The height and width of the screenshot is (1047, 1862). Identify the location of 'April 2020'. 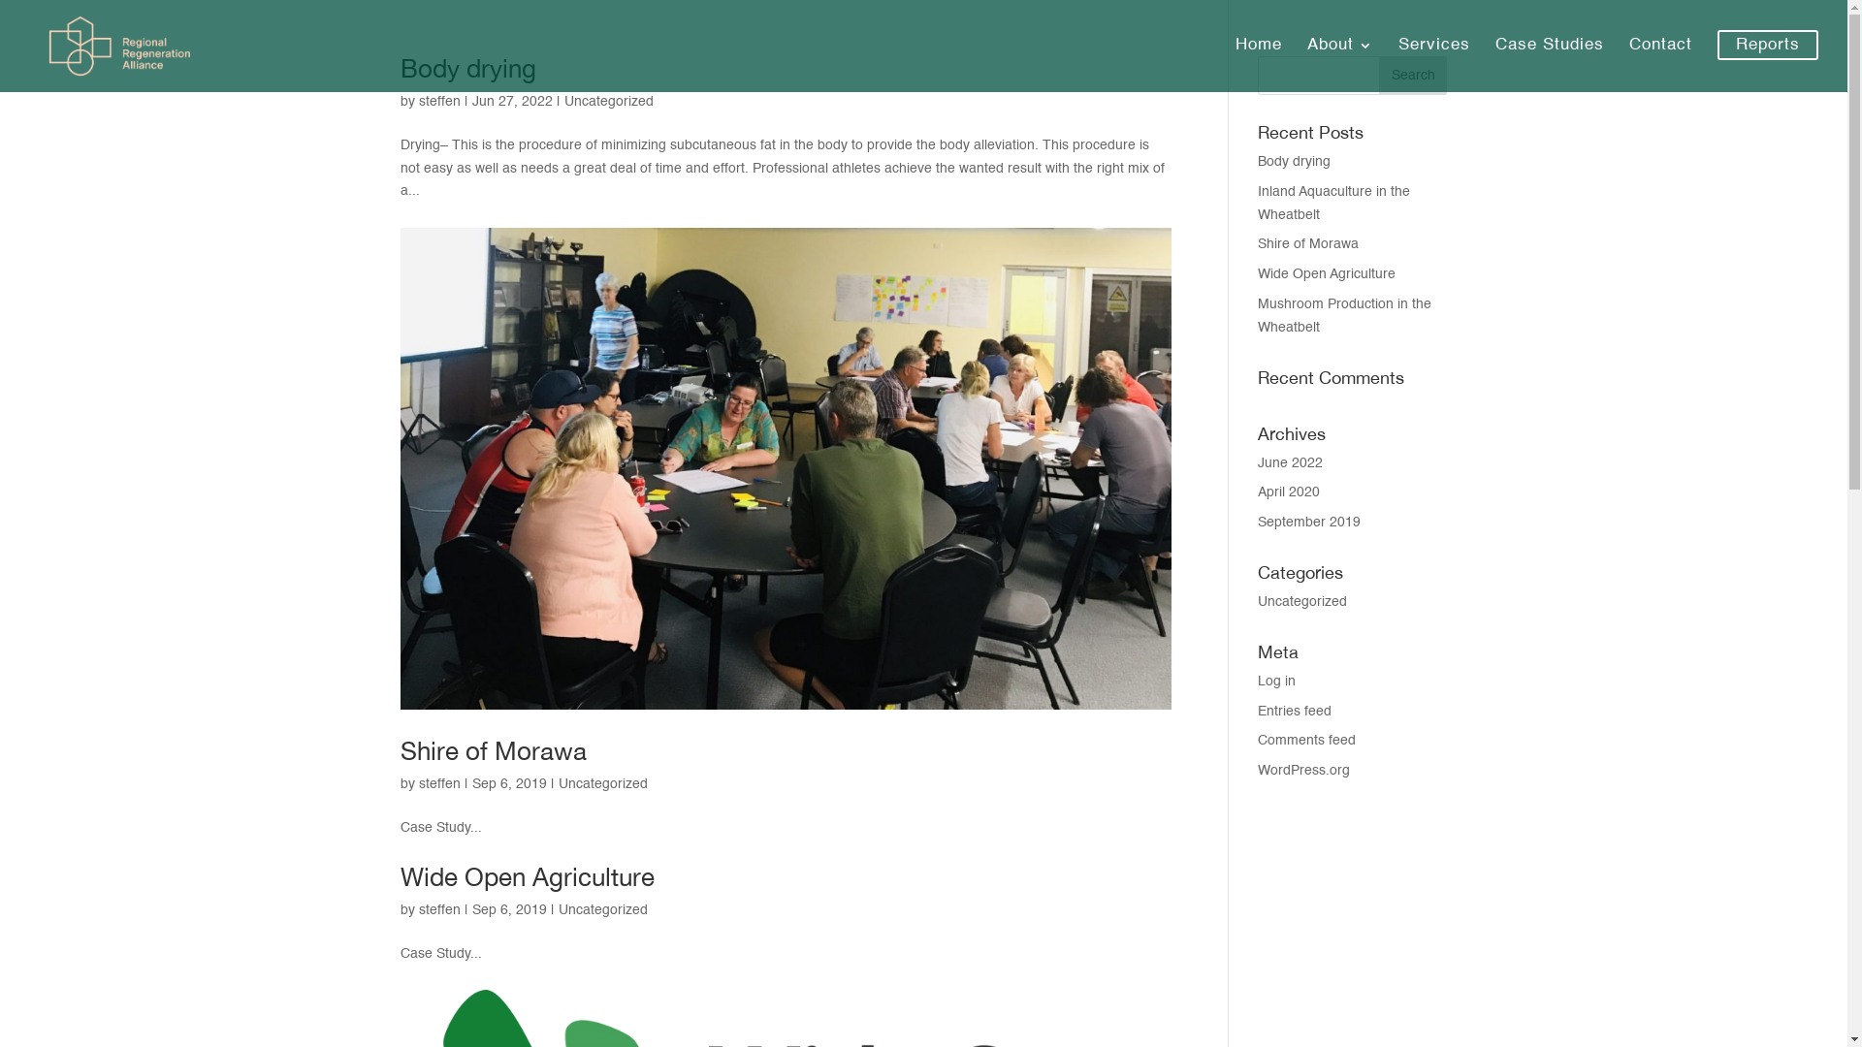
(1289, 492).